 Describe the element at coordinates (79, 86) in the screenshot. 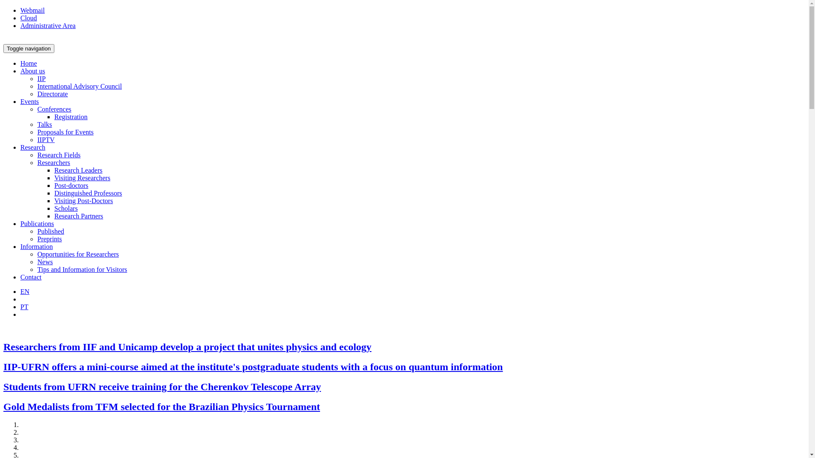

I see `'International Advisory Council'` at that location.